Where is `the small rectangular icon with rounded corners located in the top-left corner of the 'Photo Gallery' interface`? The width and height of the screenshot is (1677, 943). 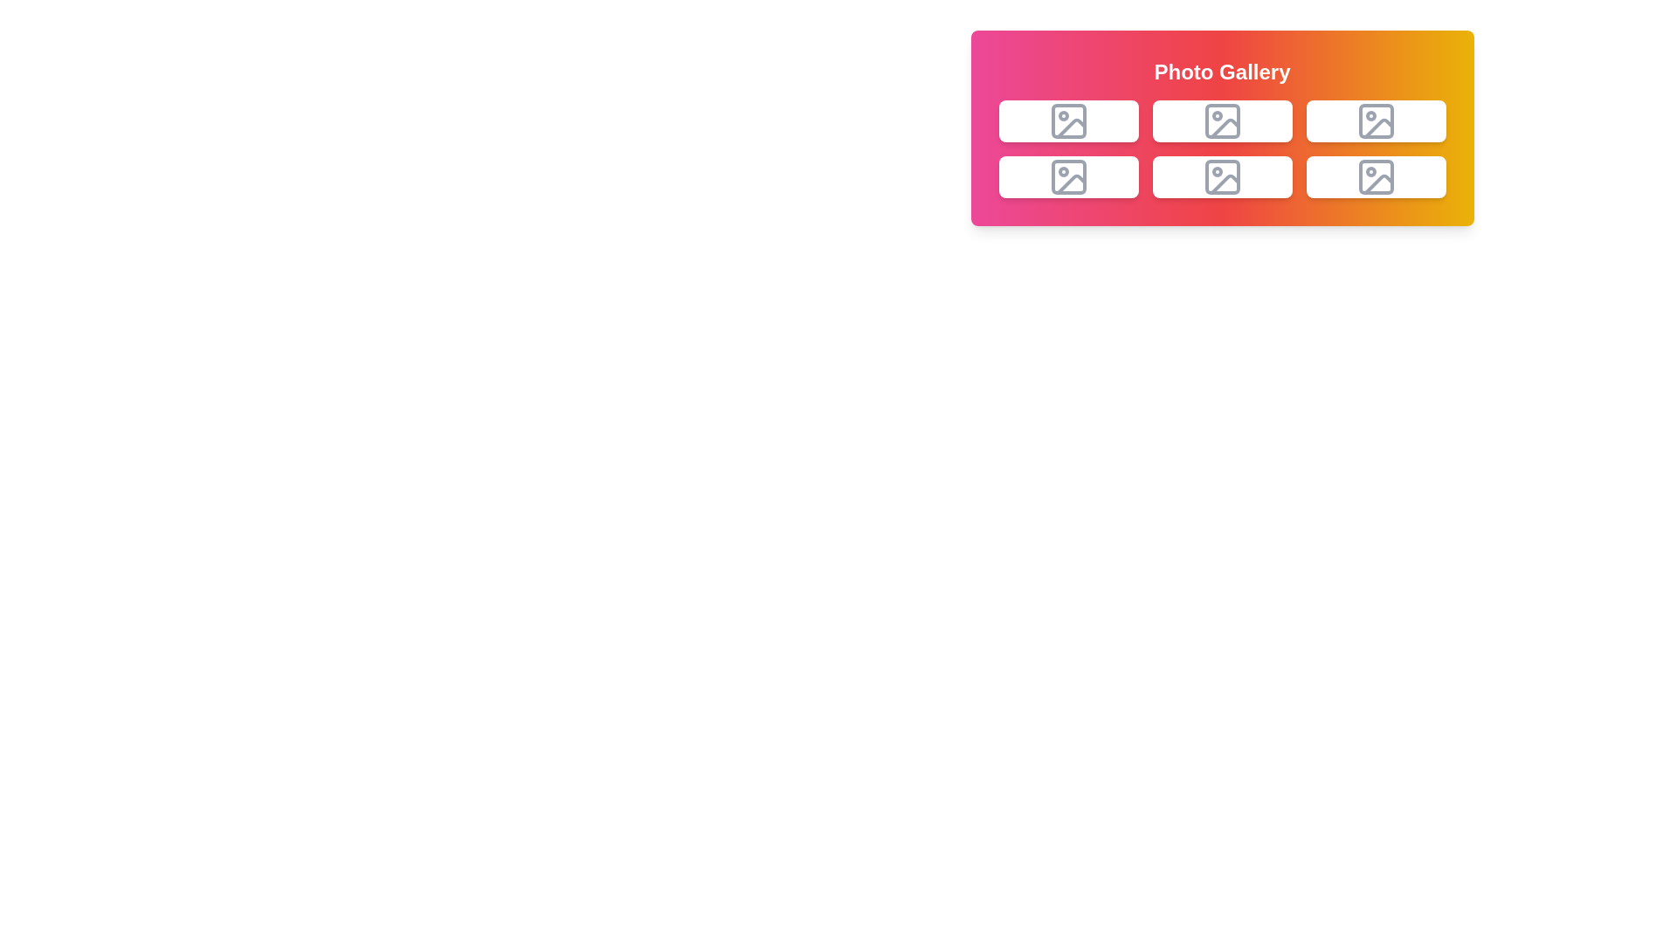 the small rectangular icon with rounded corners located in the top-left corner of the 'Photo Gallery' interface is located at coordinates (1067, 120).